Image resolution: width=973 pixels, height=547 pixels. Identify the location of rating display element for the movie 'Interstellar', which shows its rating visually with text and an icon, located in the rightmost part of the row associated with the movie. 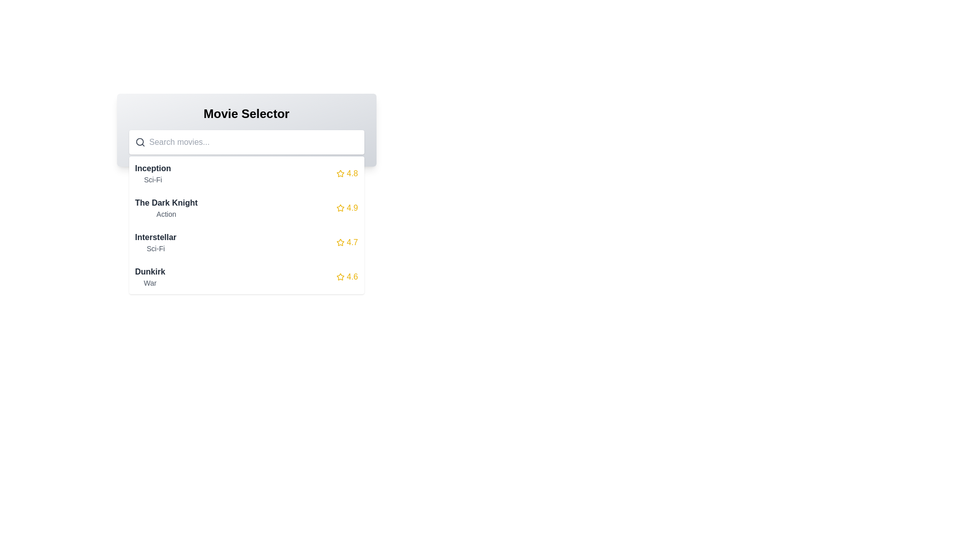
(347, 242).